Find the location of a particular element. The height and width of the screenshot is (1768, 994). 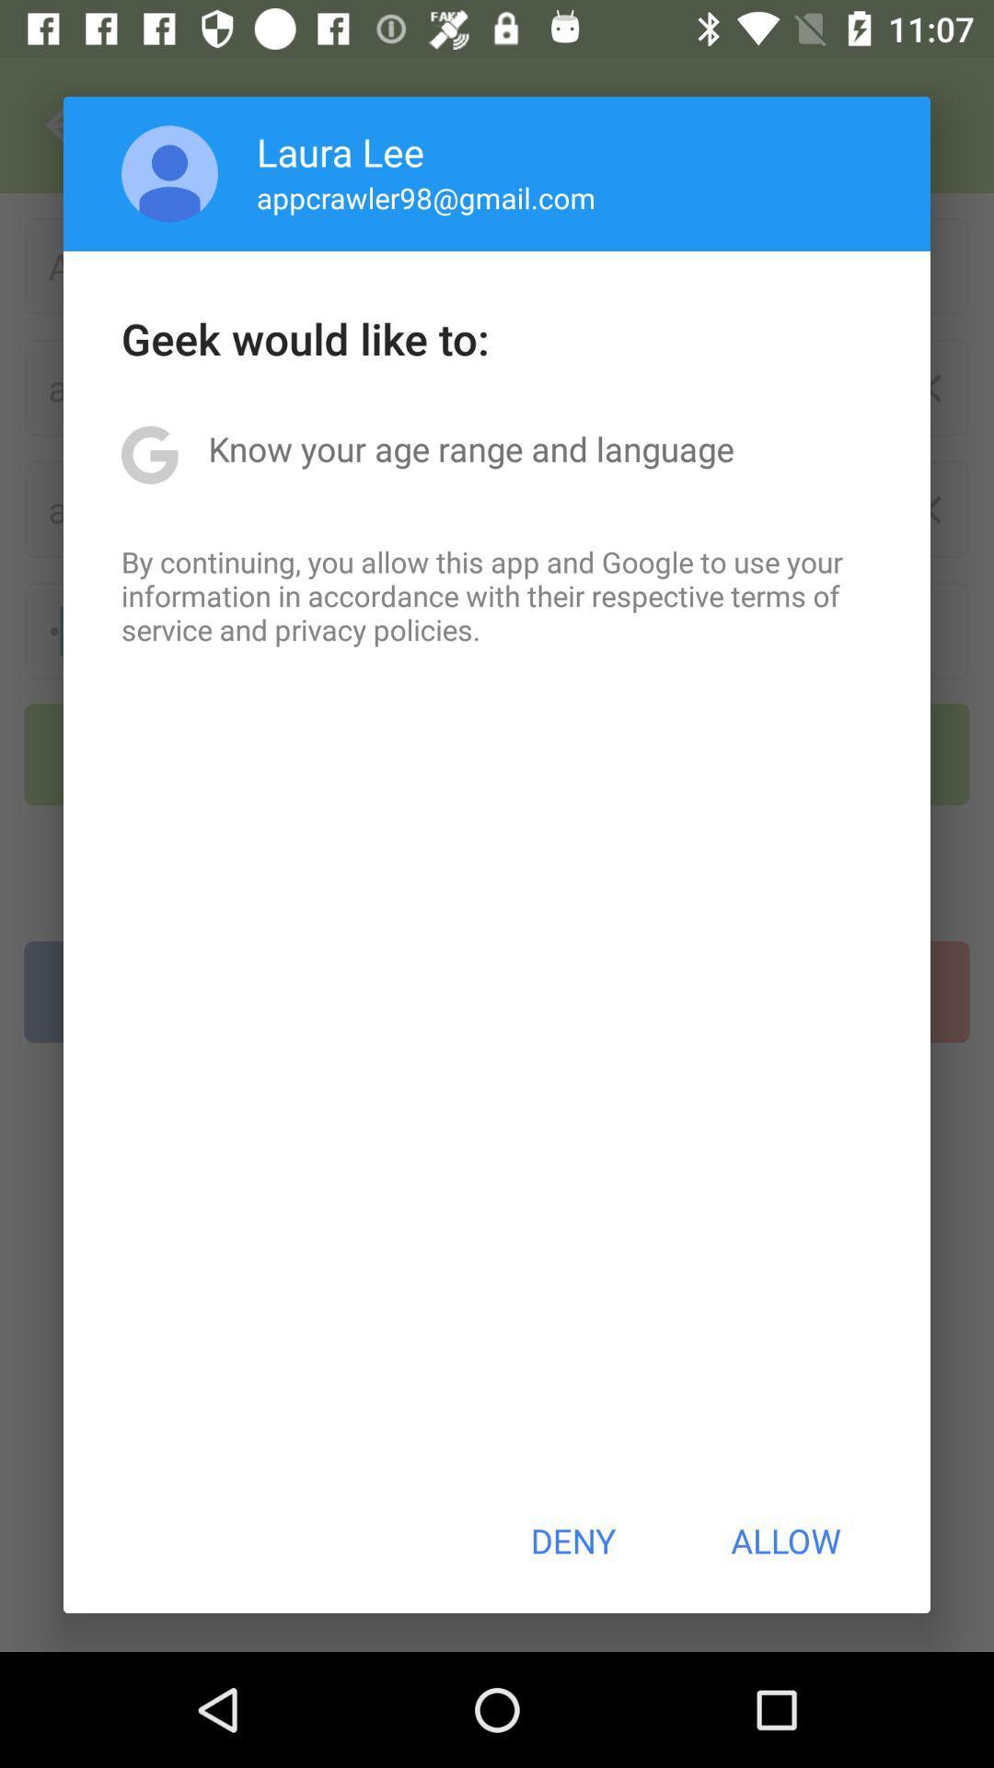

the app below by continuing you is located at coordinates (572, 1541).